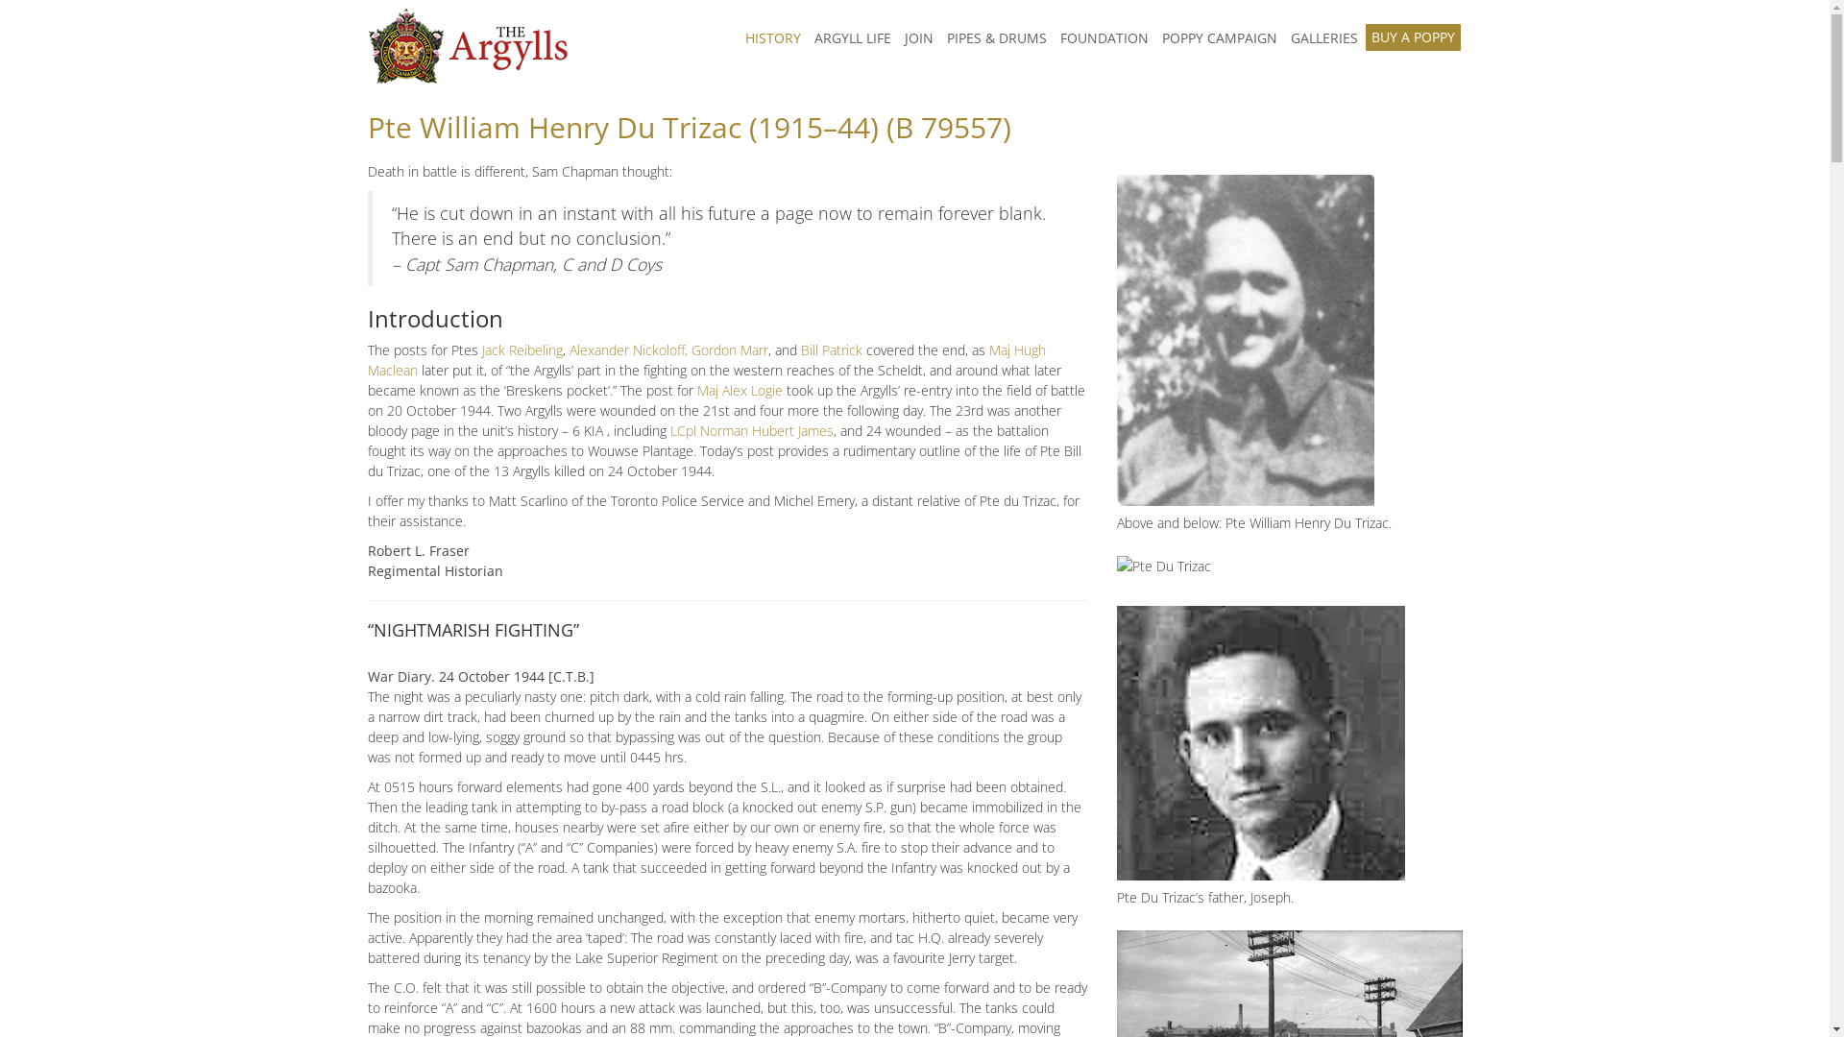 The height and width of the screenshot is (1037, 1844). What do you see at coordinates (995, 37) in the screenshot?
I see `'PIPES & DRUMS'` at bounding box center [995, 37].